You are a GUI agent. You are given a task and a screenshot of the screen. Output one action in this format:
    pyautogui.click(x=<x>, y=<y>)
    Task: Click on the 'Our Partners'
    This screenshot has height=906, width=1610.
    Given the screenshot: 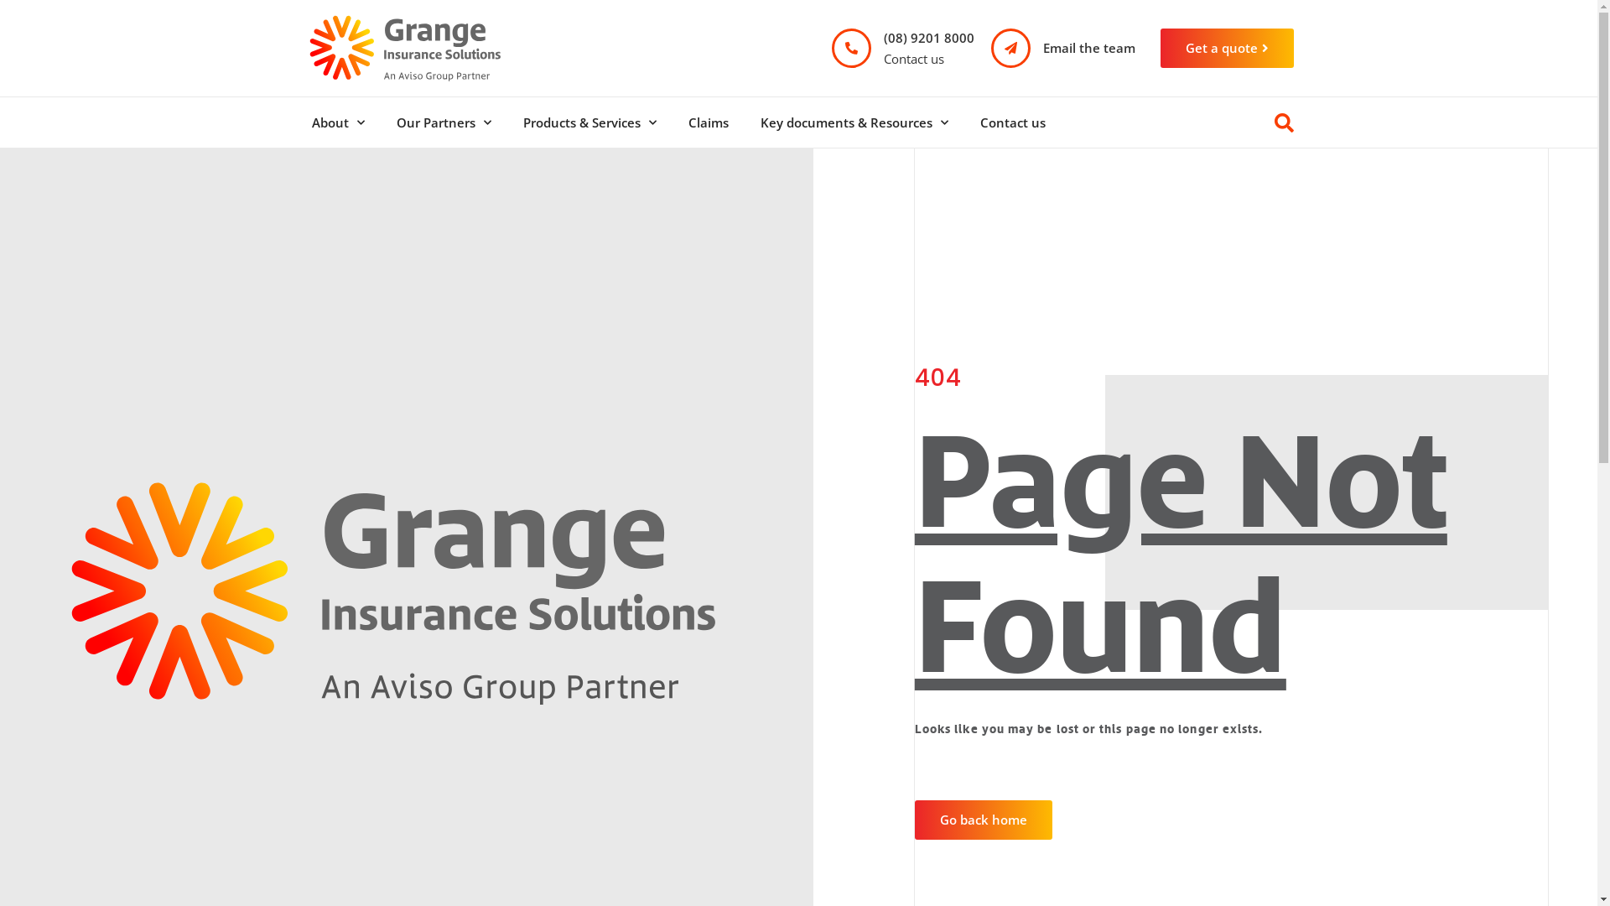 What is the action you would take?
    pyautogui.click(x=444, y=122)
    